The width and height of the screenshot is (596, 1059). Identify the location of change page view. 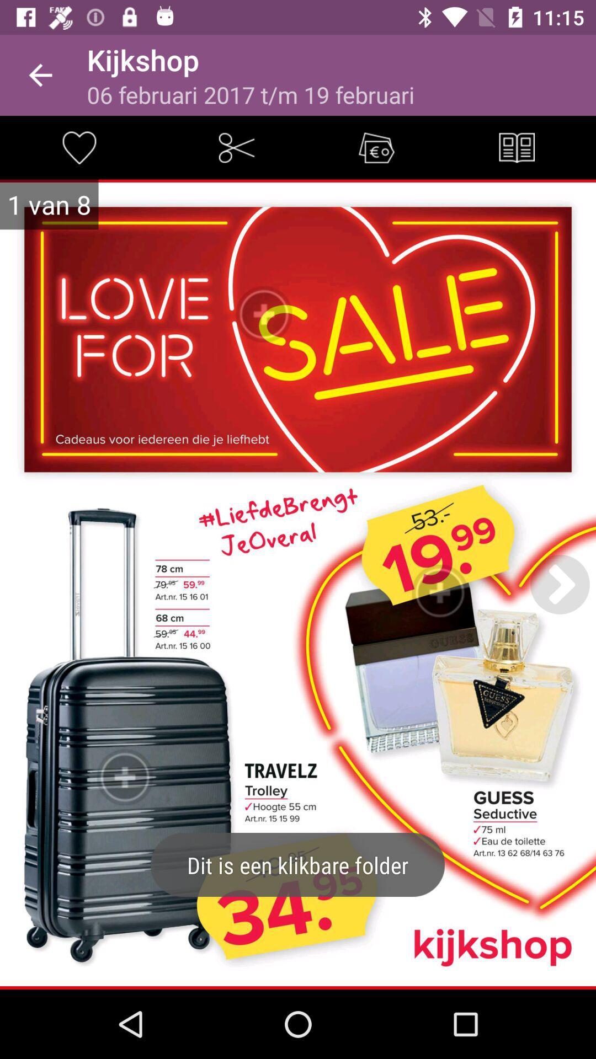
(517, 147).